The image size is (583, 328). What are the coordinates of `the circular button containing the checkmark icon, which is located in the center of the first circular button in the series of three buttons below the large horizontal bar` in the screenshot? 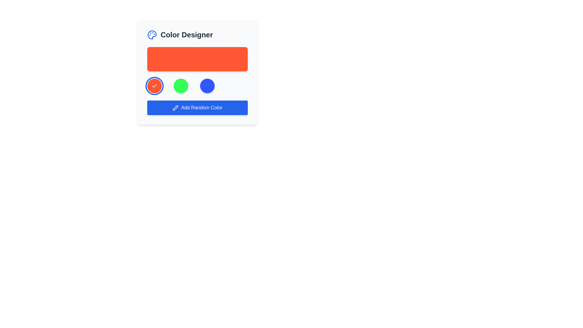 It's located at (154, 85).